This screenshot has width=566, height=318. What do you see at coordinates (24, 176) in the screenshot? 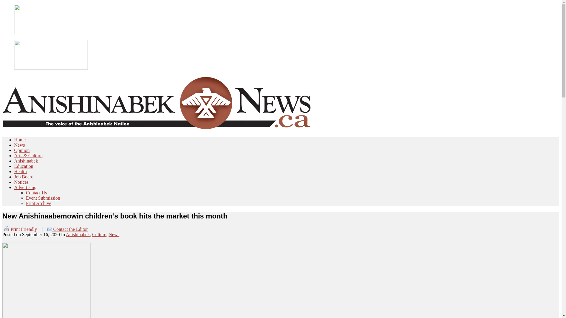
I see `'Job Board'` at bounding box center [24, 176].